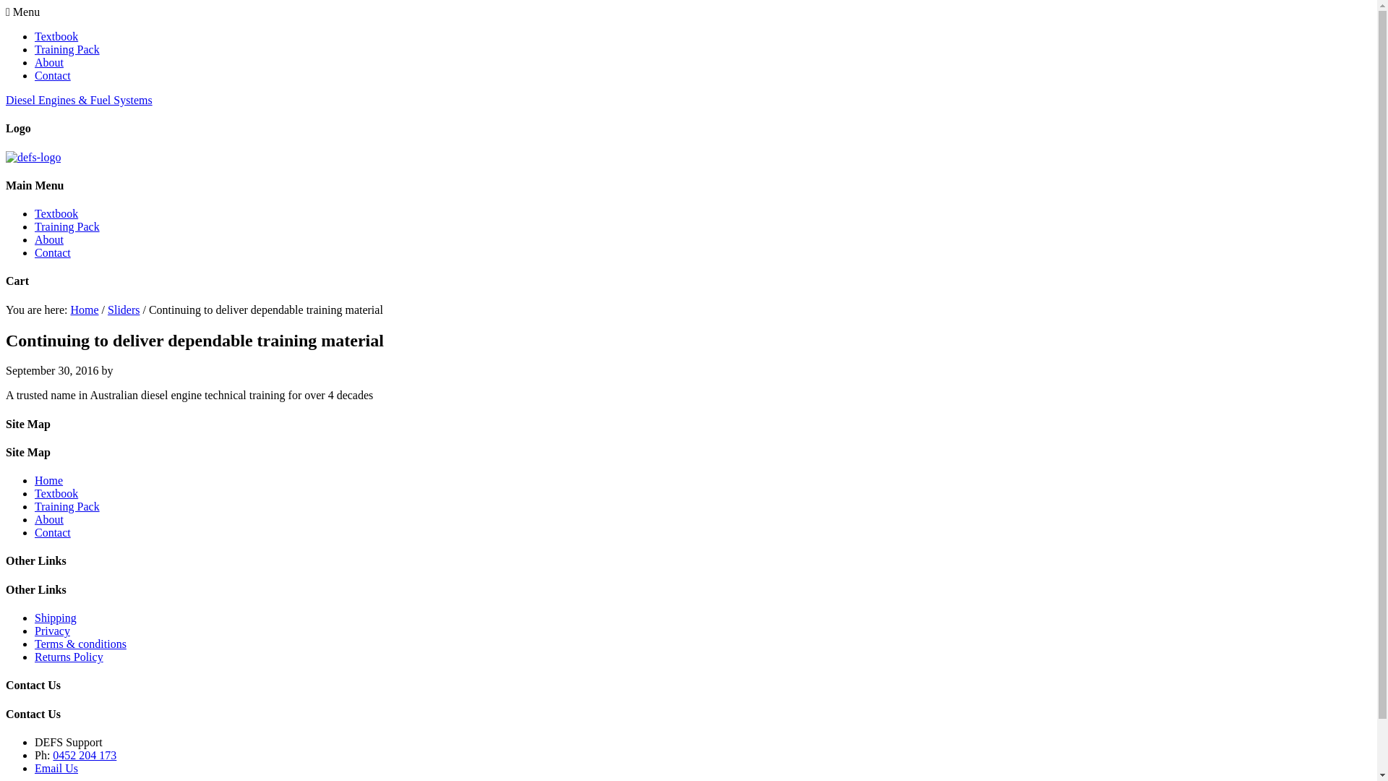 Image resolution: width=1388 pixels, height=781 pixels. I want to click on 'Textbook', so click(56, 35).